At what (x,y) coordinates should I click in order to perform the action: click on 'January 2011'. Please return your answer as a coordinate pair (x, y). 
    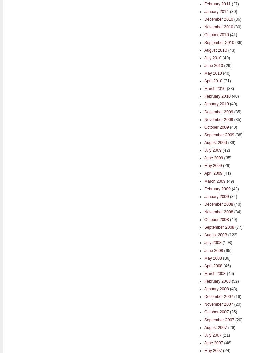
    Looking at the image, I should click on (216, 11).